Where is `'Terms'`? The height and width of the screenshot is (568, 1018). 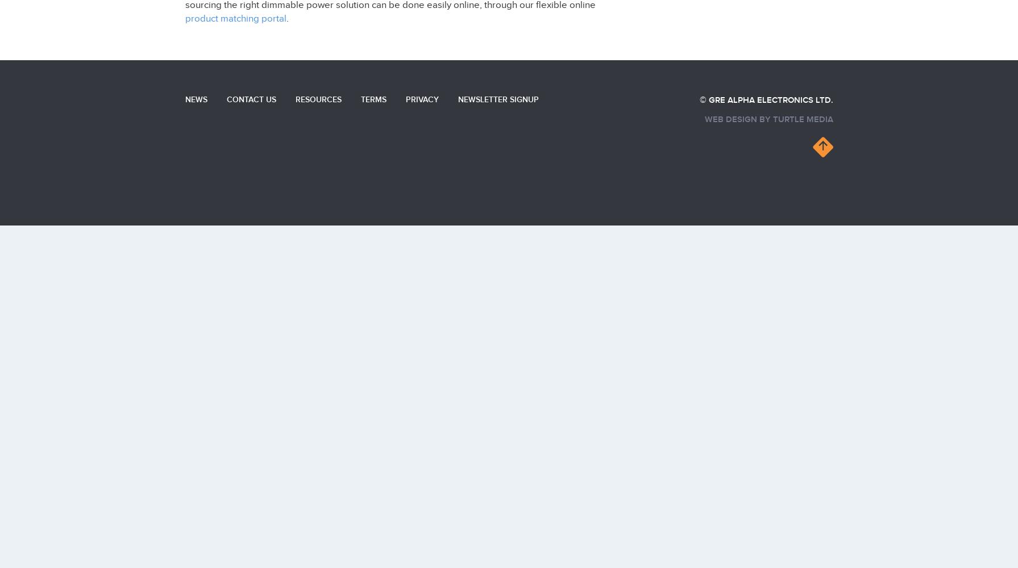 'Terms' is located at coordinates (373, 99).